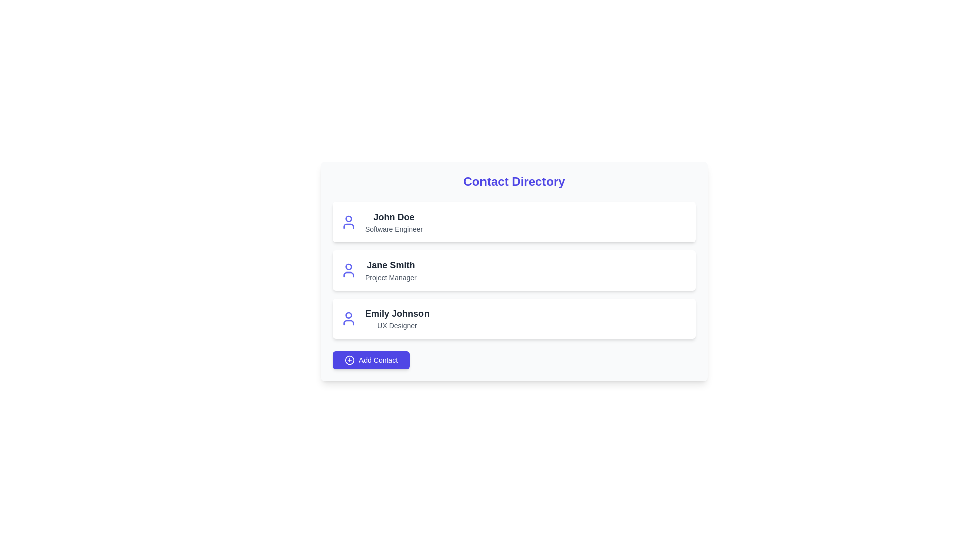 The width and height of the screenshot is (968, 544). Describe the element at coordinates (370, 359) in the screenshot. I see `'Add Contact' button to add a new contact to the directory` at that location.